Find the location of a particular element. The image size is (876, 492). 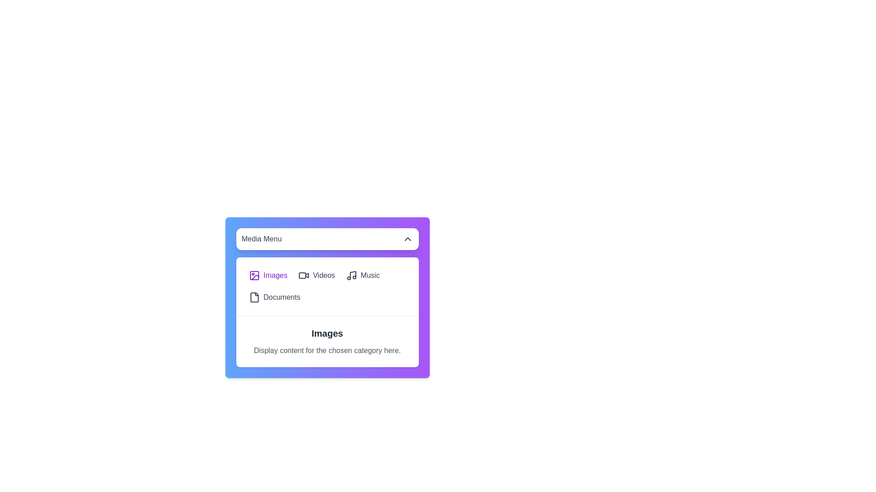

the compound component containing the title text 'Images' and descriptive text 'Display content for the chosen category here.' is located at coordinates (327, 341).